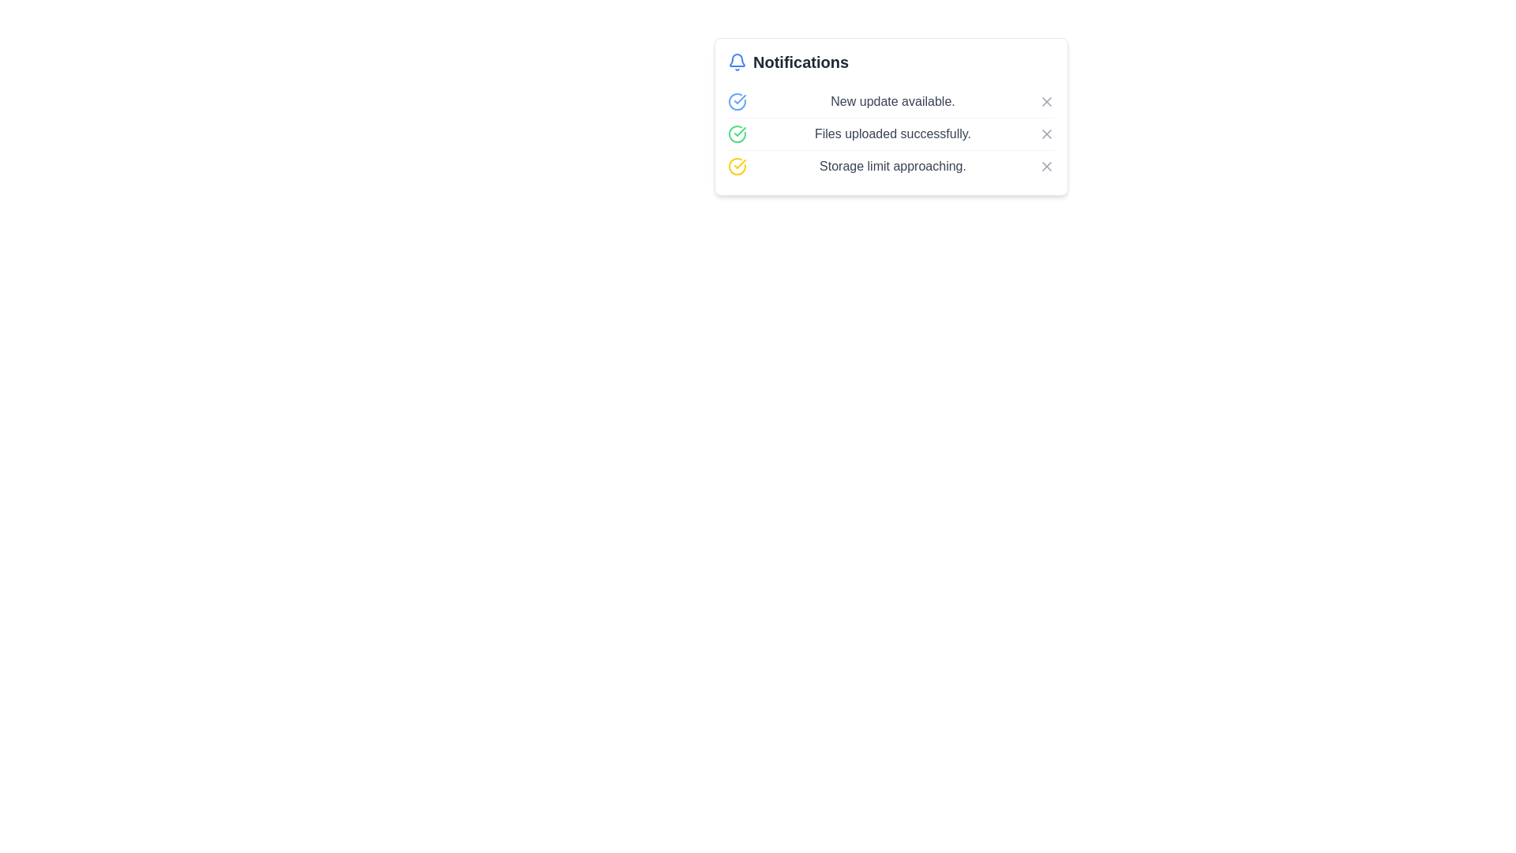 The image size is (1516, 853). I want to click on the notification row displaying the message 'Storage limit approaching.', so click(891, 166).